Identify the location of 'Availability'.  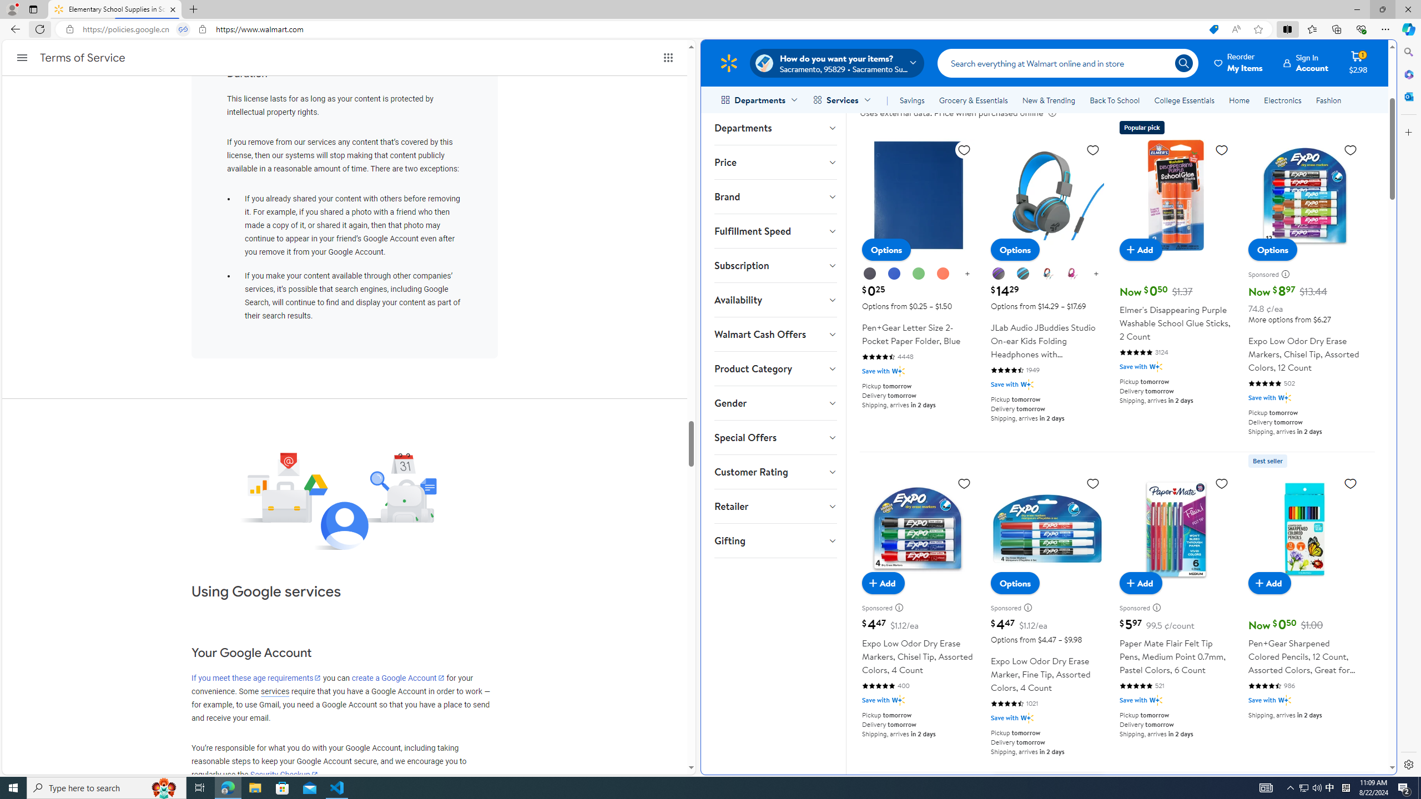
(774, 300).